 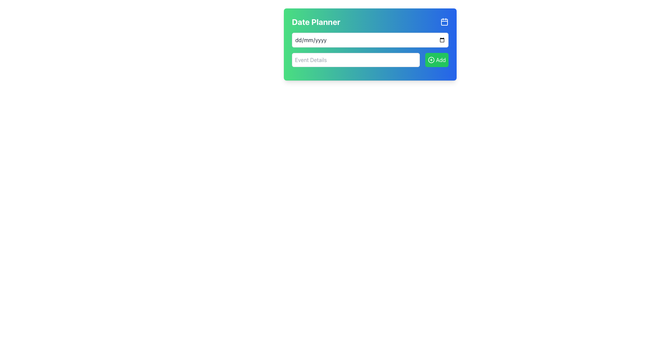 I want to click on the calendar icon located in the 'Date Planner' section at the top-right corner, so click(x=444, y=22).